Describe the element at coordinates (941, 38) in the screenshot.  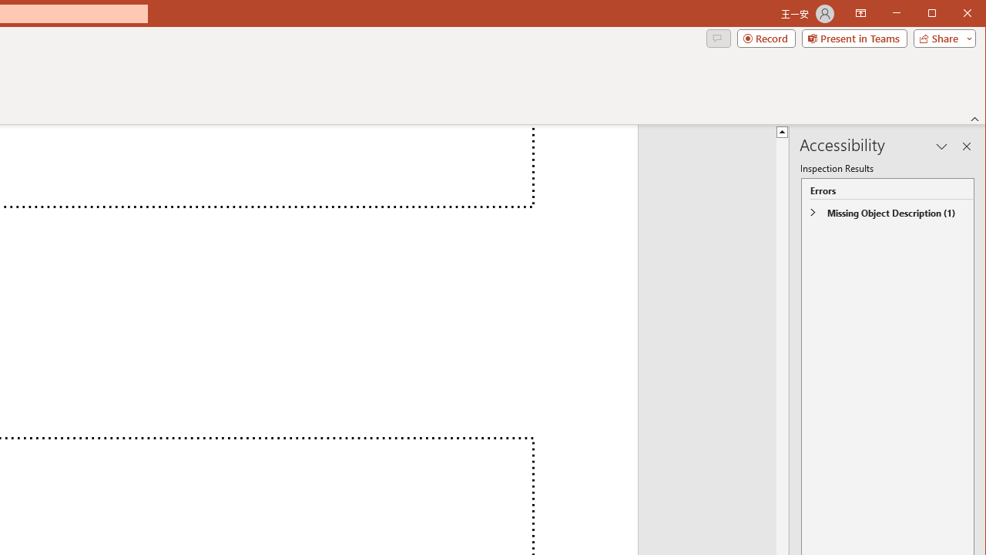
I see `'Share'` at that location.